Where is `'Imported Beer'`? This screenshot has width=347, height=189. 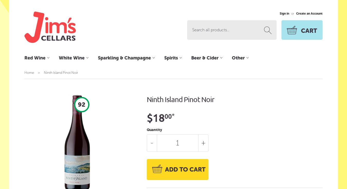 'Imported Beer' is located at coordinates (206, 109).